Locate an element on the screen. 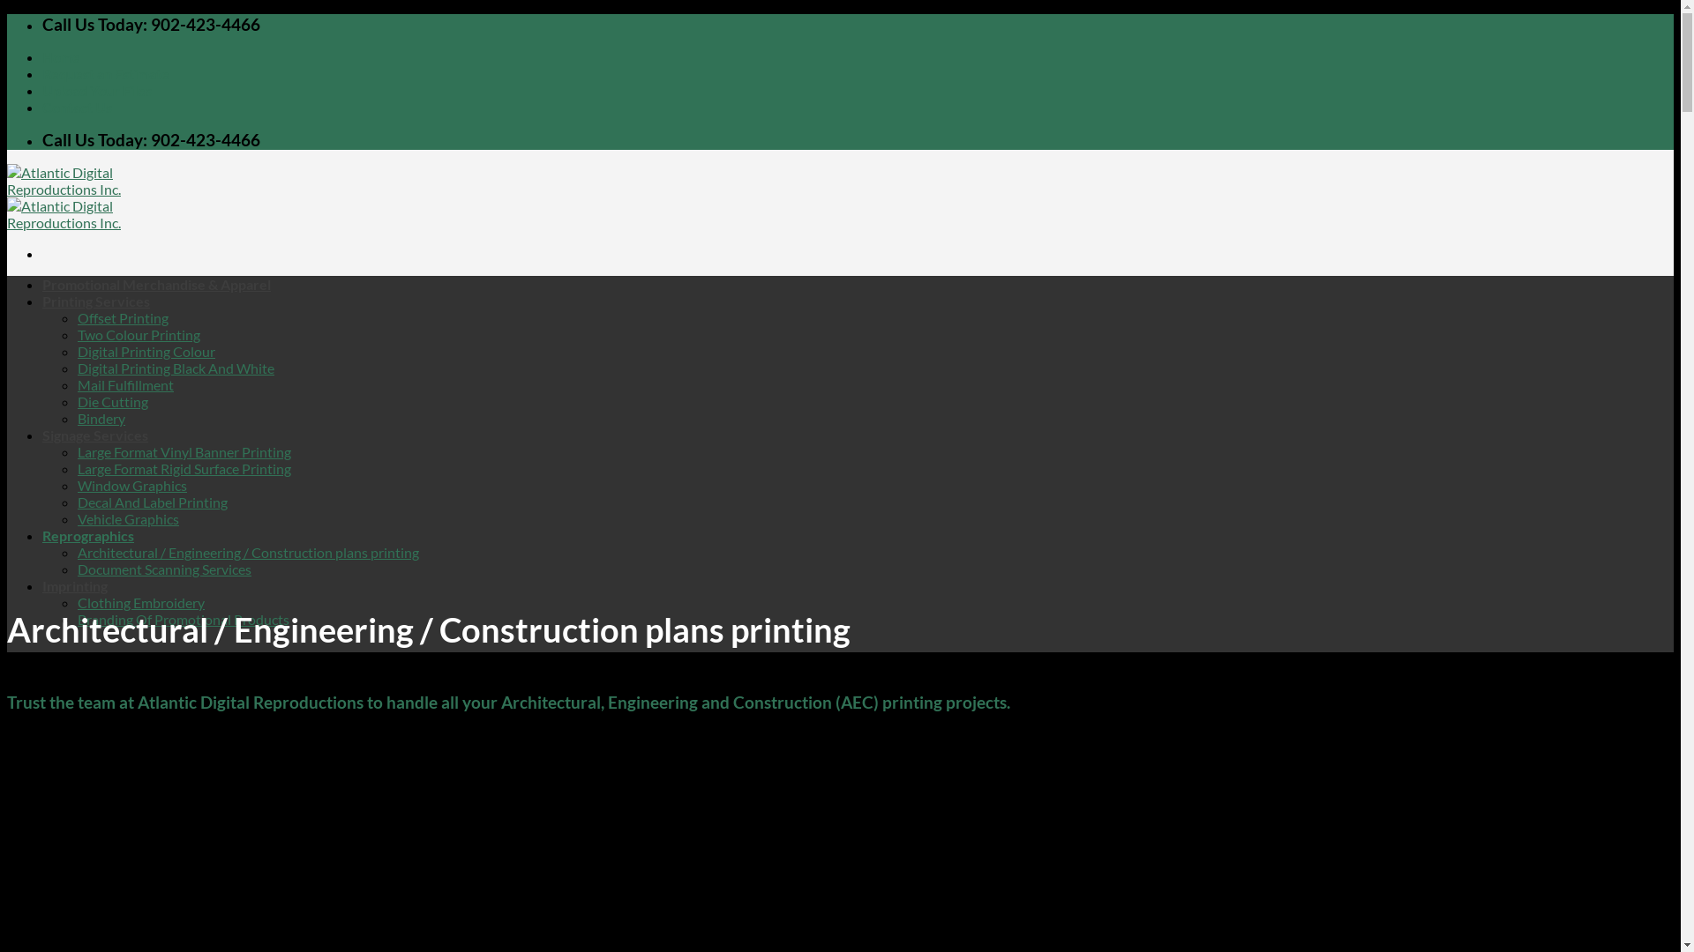 This screenshot has height=952, width=1694. 'Bindery' is located at coordinates (101, 418).